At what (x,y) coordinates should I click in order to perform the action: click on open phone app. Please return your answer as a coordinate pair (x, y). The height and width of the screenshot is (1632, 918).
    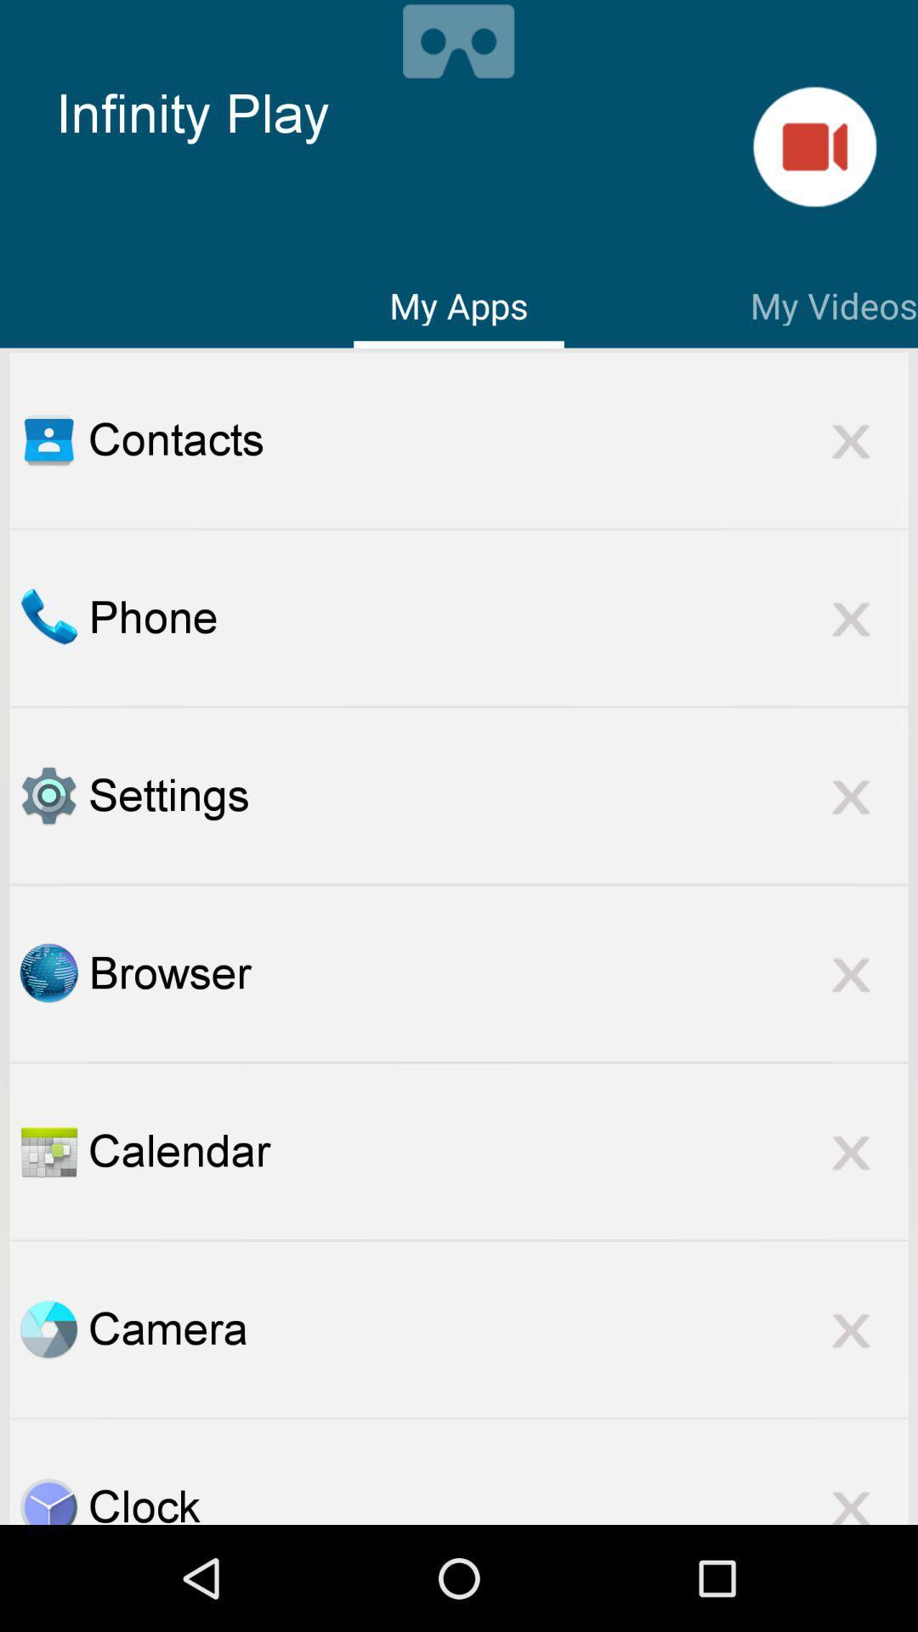
    Looking at the image, I should click on (48, 616).